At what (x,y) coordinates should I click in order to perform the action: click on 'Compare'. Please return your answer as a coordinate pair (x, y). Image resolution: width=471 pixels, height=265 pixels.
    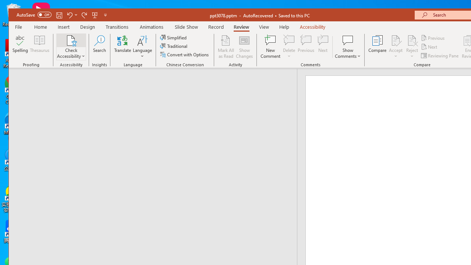
    Looking at the image, I should click on (377, 47).